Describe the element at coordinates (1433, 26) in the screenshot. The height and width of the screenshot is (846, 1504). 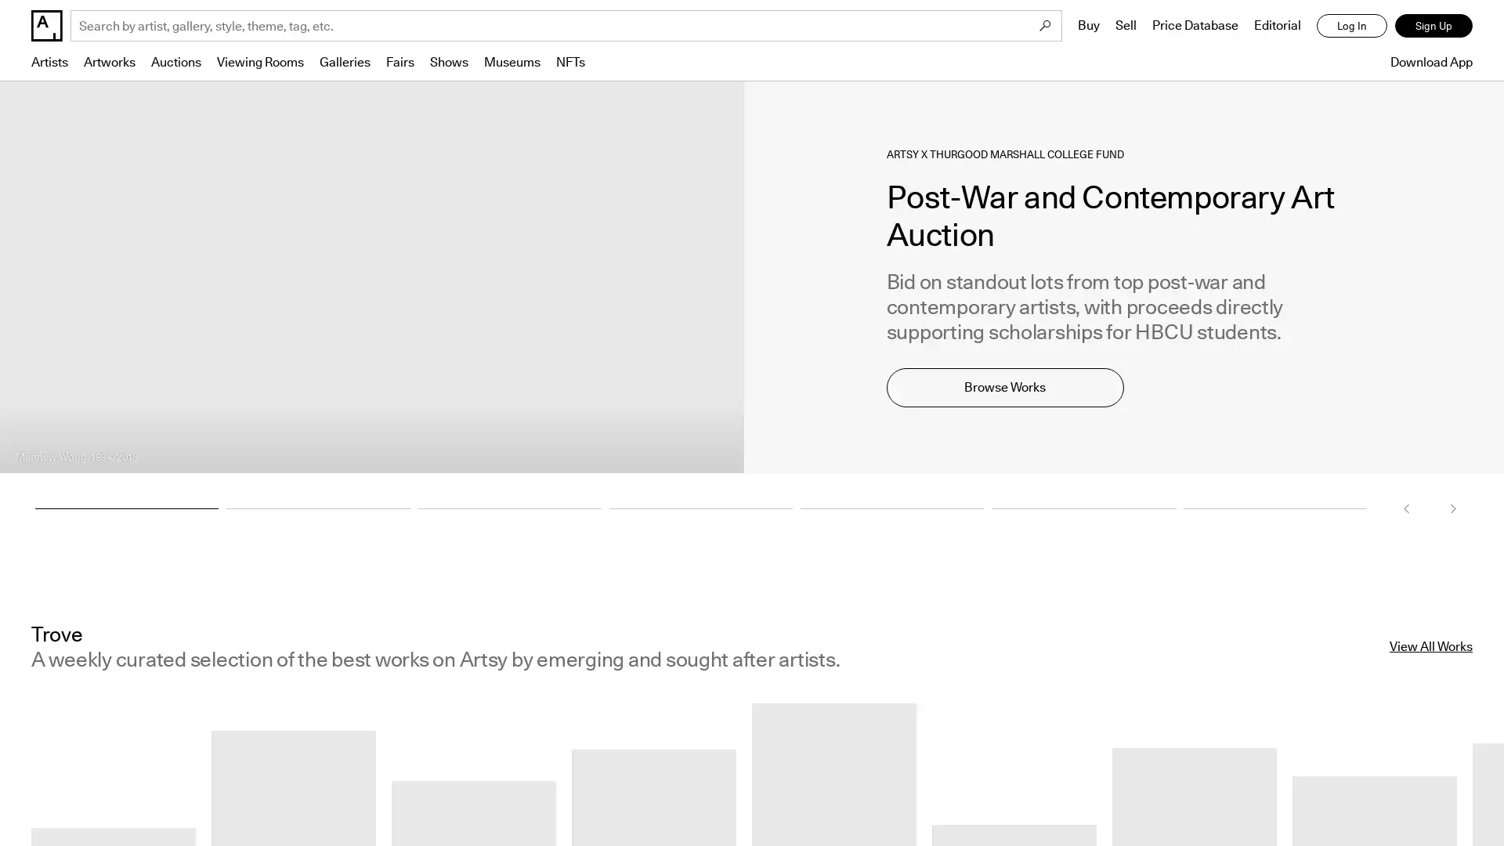
I see `Sign Up` at that location.